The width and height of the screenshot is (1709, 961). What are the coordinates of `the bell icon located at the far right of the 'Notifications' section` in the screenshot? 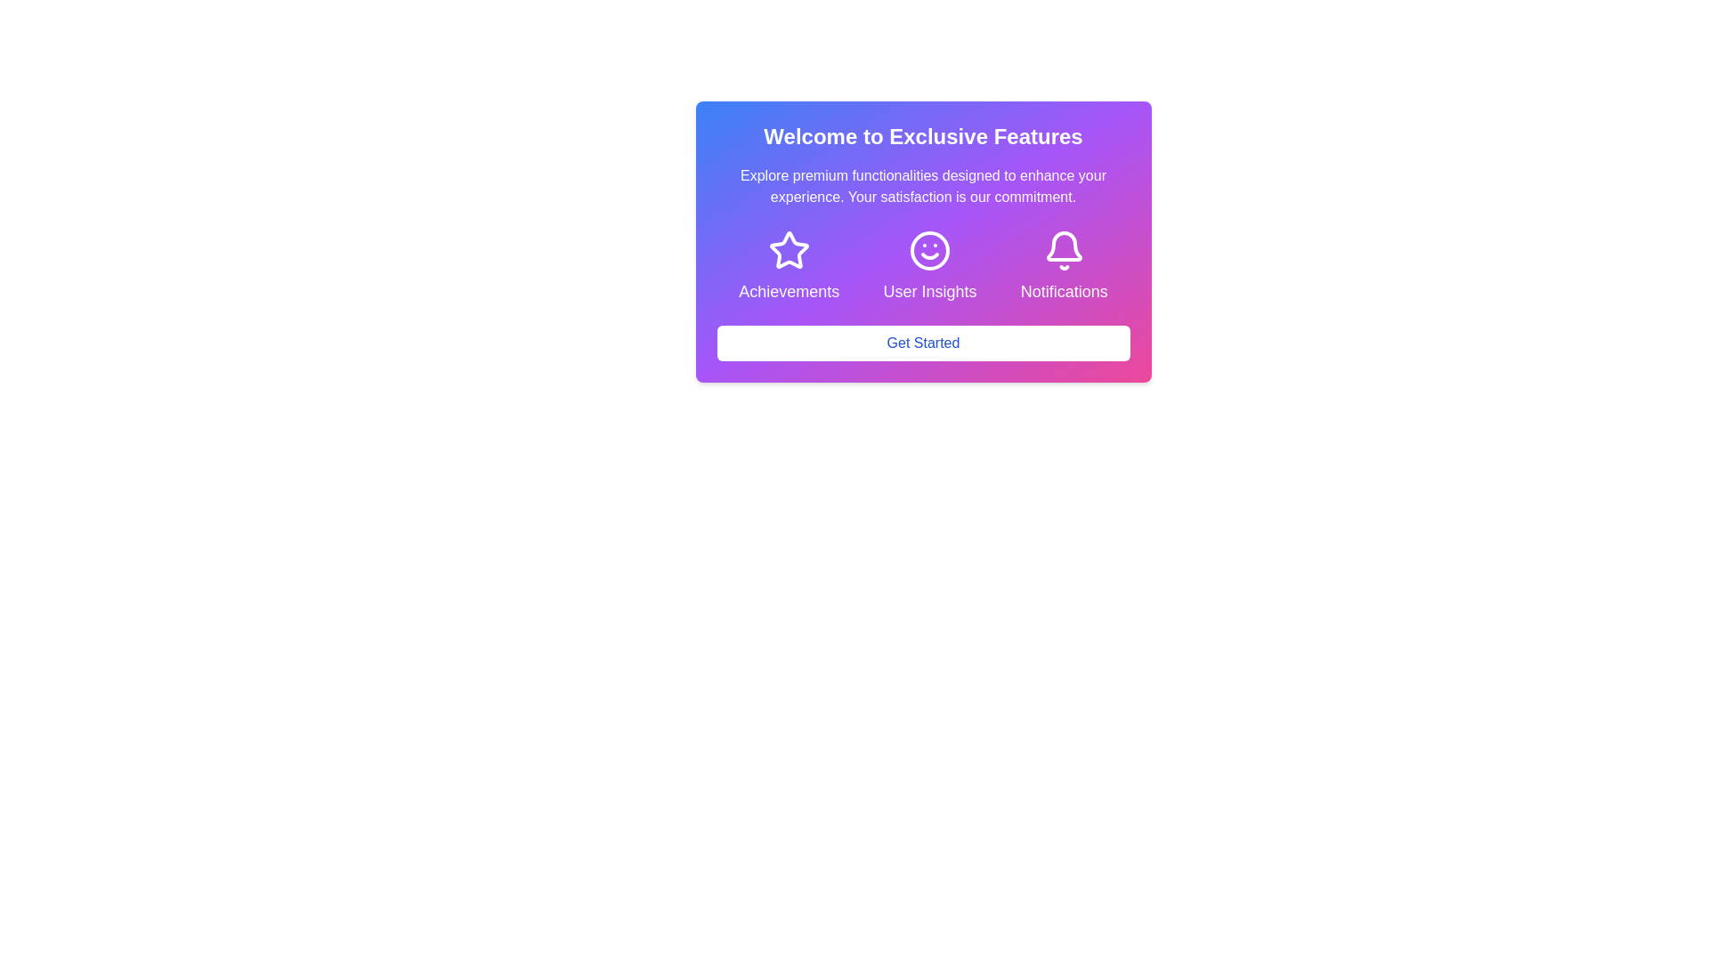 It's located at (1064, 250).